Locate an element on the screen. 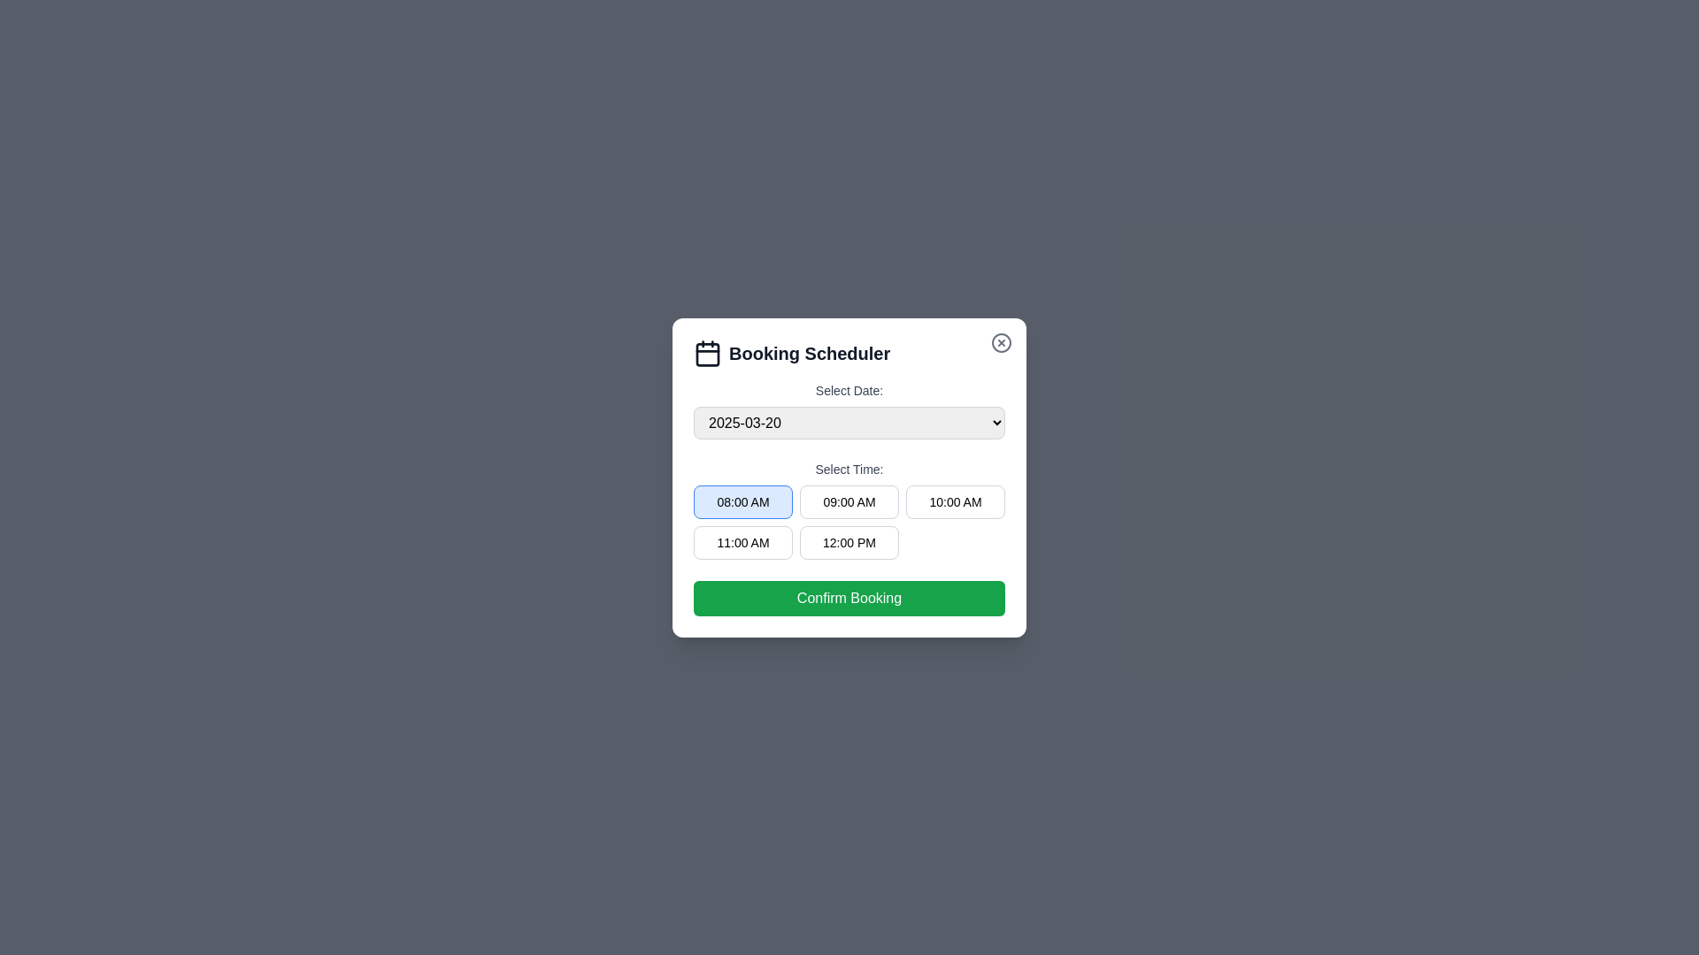 The width and height of the screenshot is (1699, 955). the close button located in the top-right corner of the 'Booking Scheduler' dialog is located at coordinates (1002, 342).